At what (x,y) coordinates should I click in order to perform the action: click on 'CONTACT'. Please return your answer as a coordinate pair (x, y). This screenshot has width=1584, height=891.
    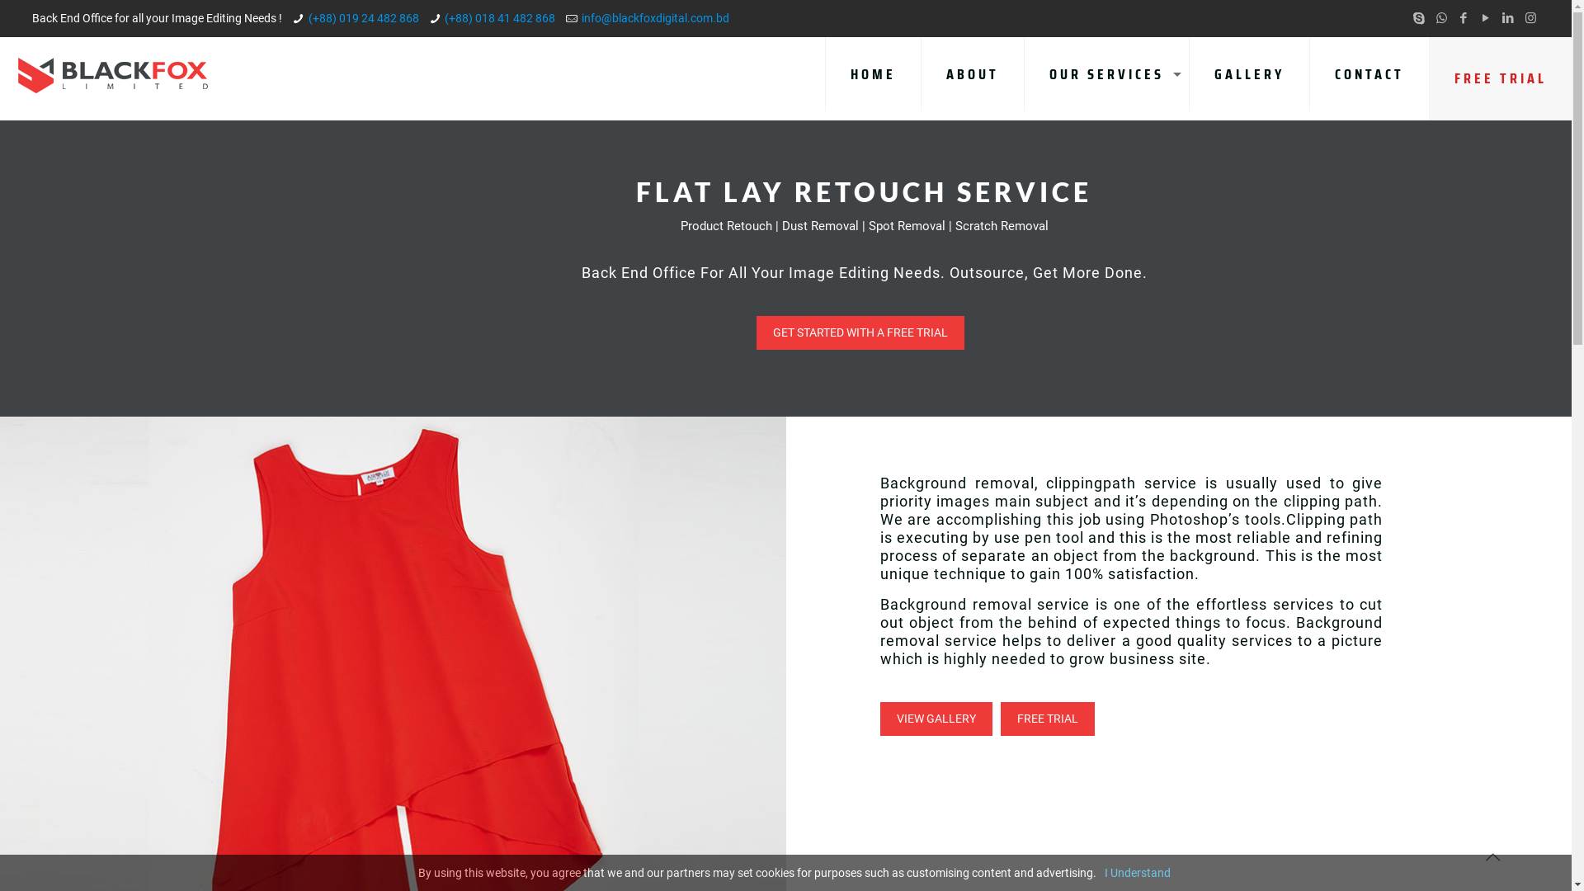
    Looking at the image, I should click on (1369, 73).